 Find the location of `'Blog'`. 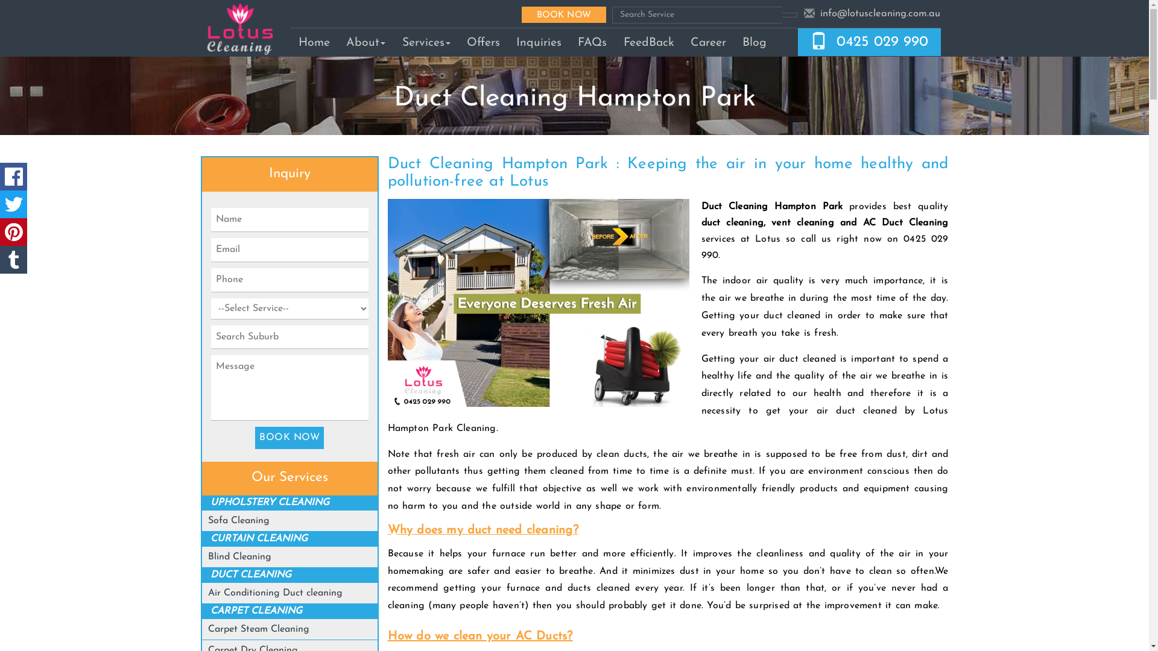

'Blog' is located at coordinates (754, 42).